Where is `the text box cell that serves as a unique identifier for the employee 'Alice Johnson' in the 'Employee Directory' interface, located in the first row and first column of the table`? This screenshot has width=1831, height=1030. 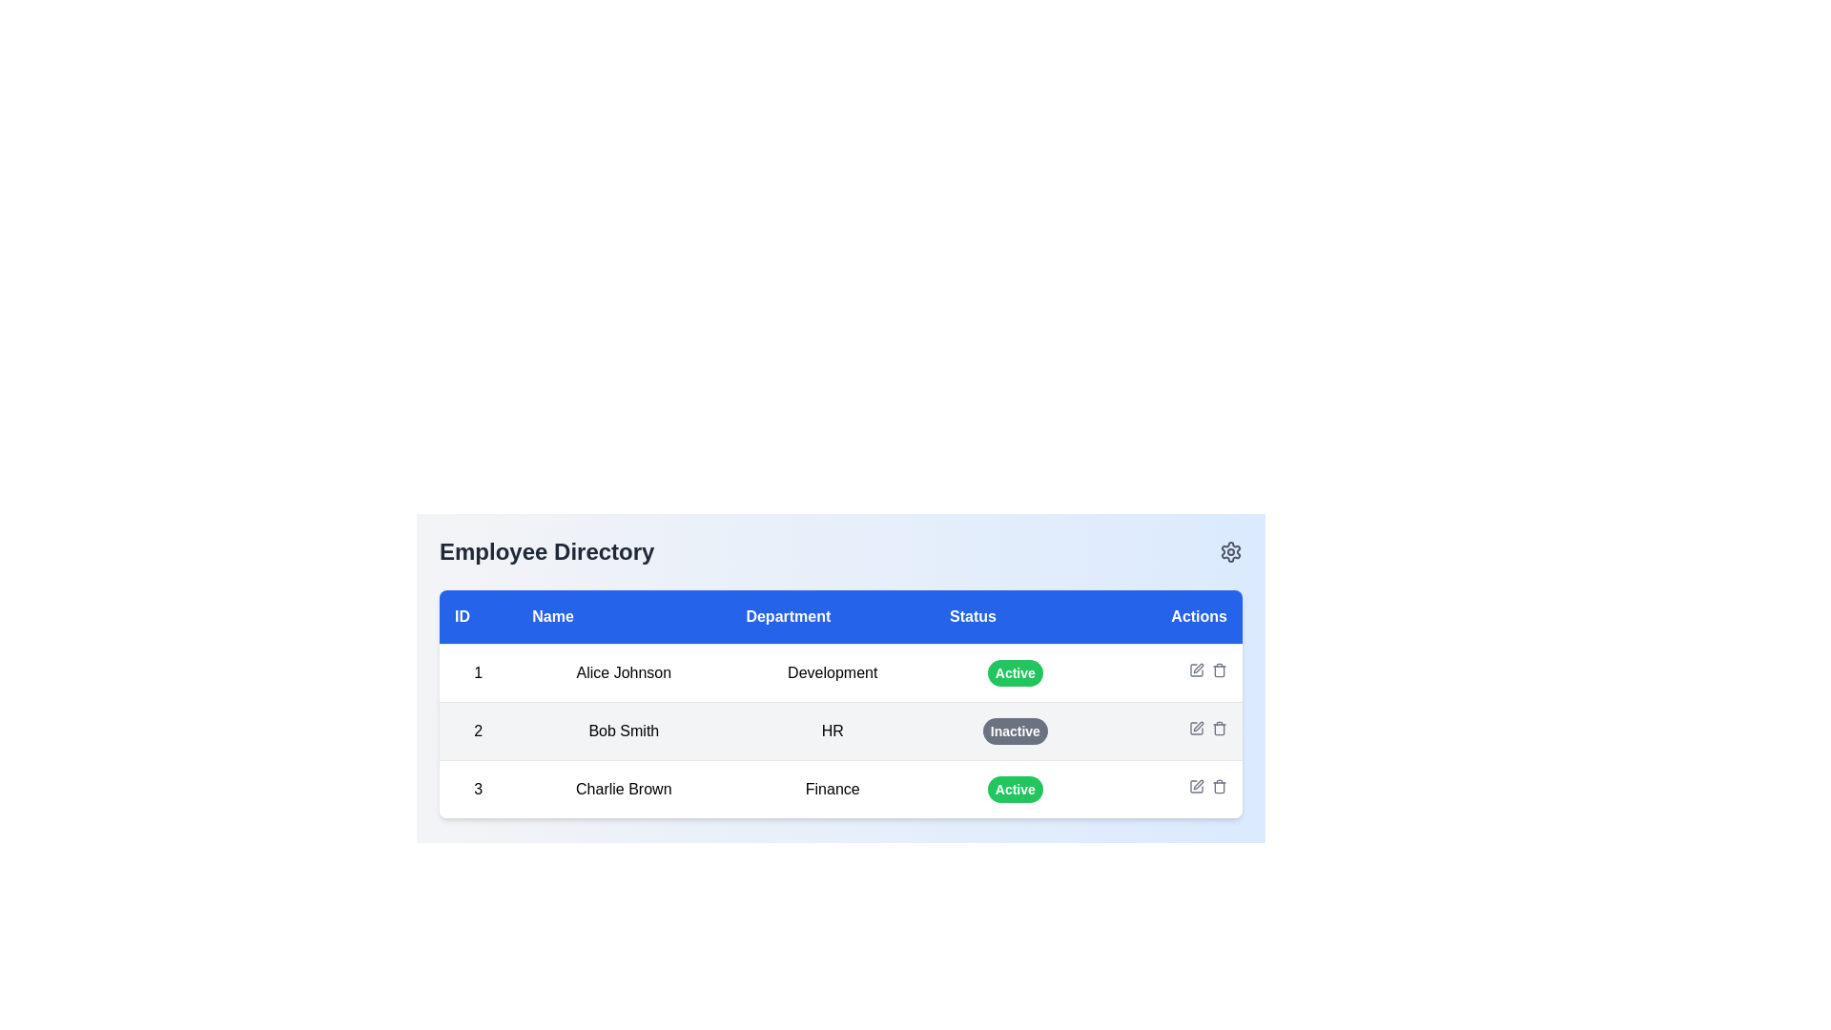 the text box cell that serves as a unique identifier for the employee 'Alice Johnson' in the 'Employee Directory' interface, located in the first row and first column of the table is located at coordinates (478, 671).